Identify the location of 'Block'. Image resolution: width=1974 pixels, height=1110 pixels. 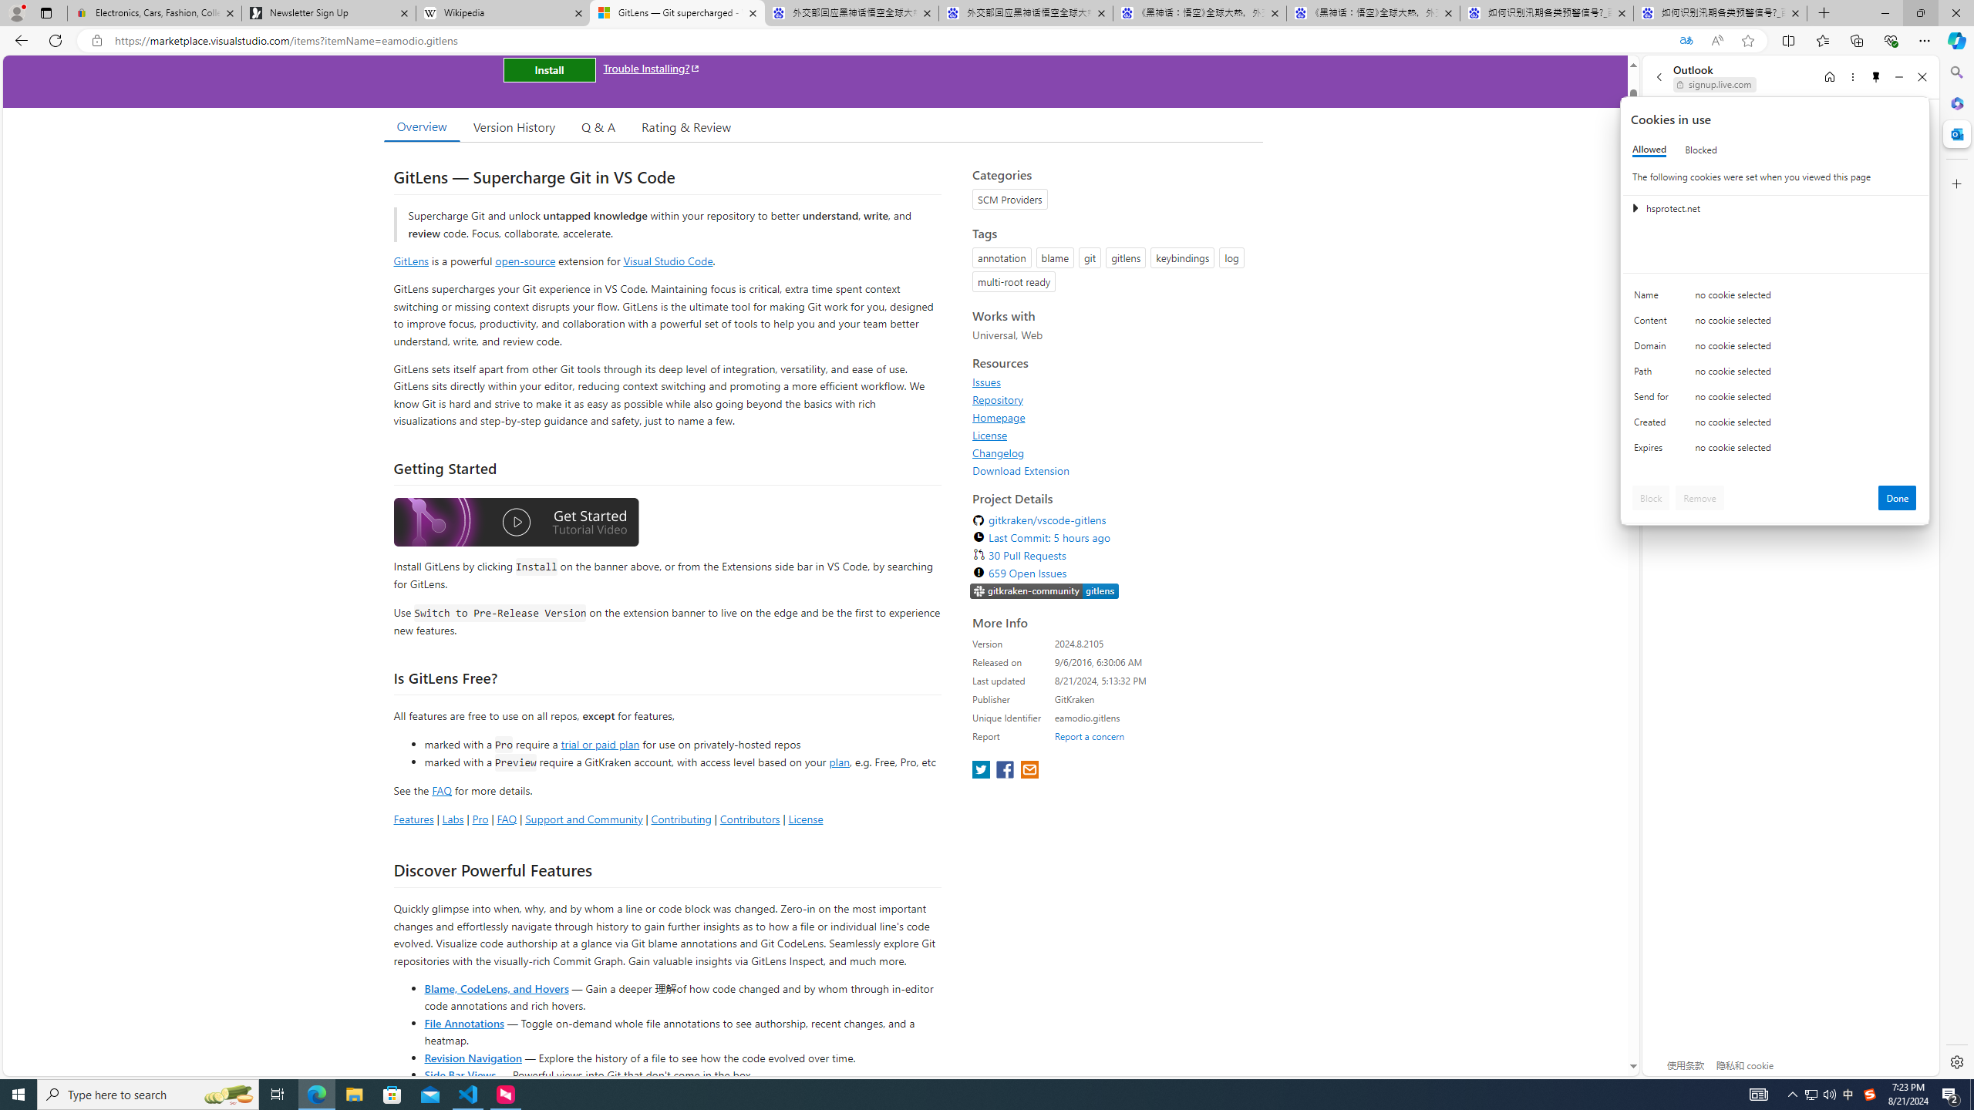
(1650, 498).